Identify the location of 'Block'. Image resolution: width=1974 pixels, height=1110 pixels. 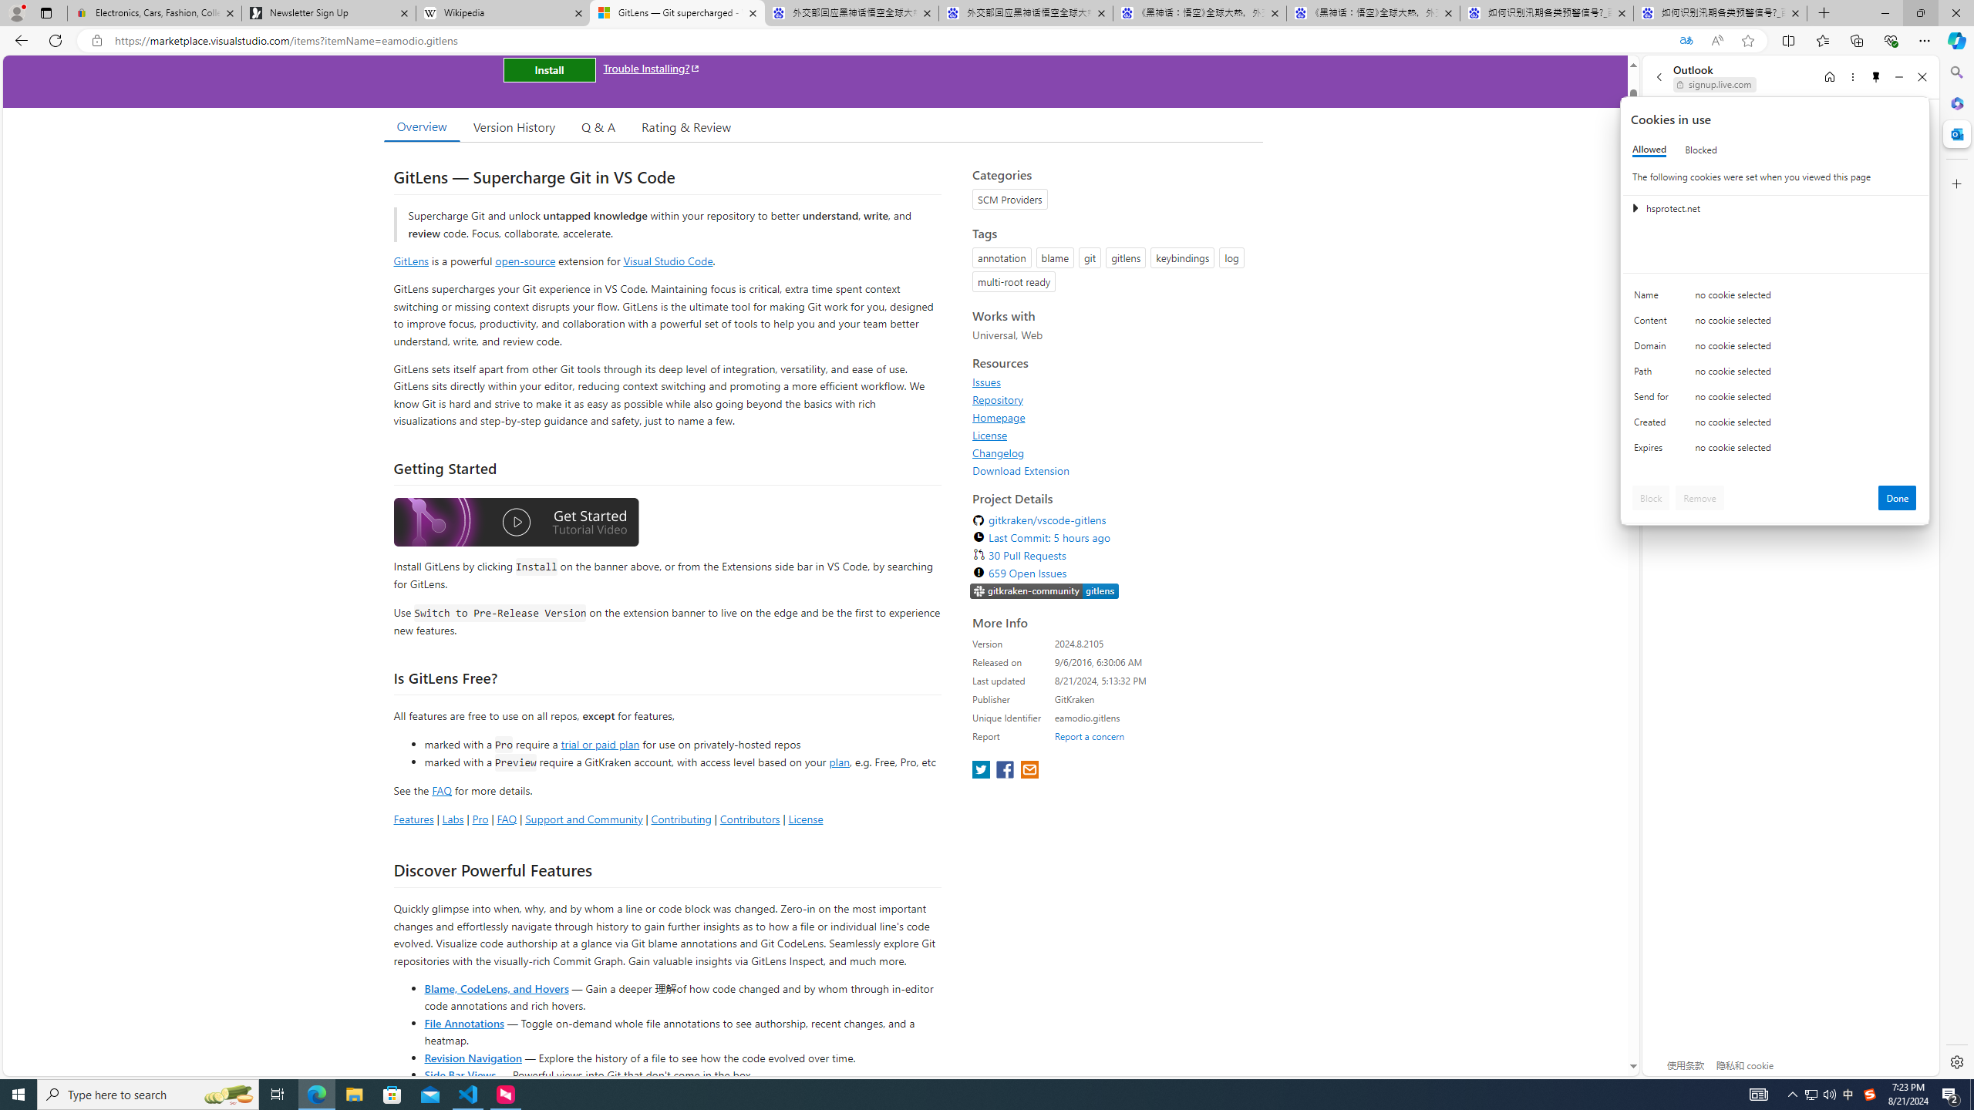
(1650, 498).